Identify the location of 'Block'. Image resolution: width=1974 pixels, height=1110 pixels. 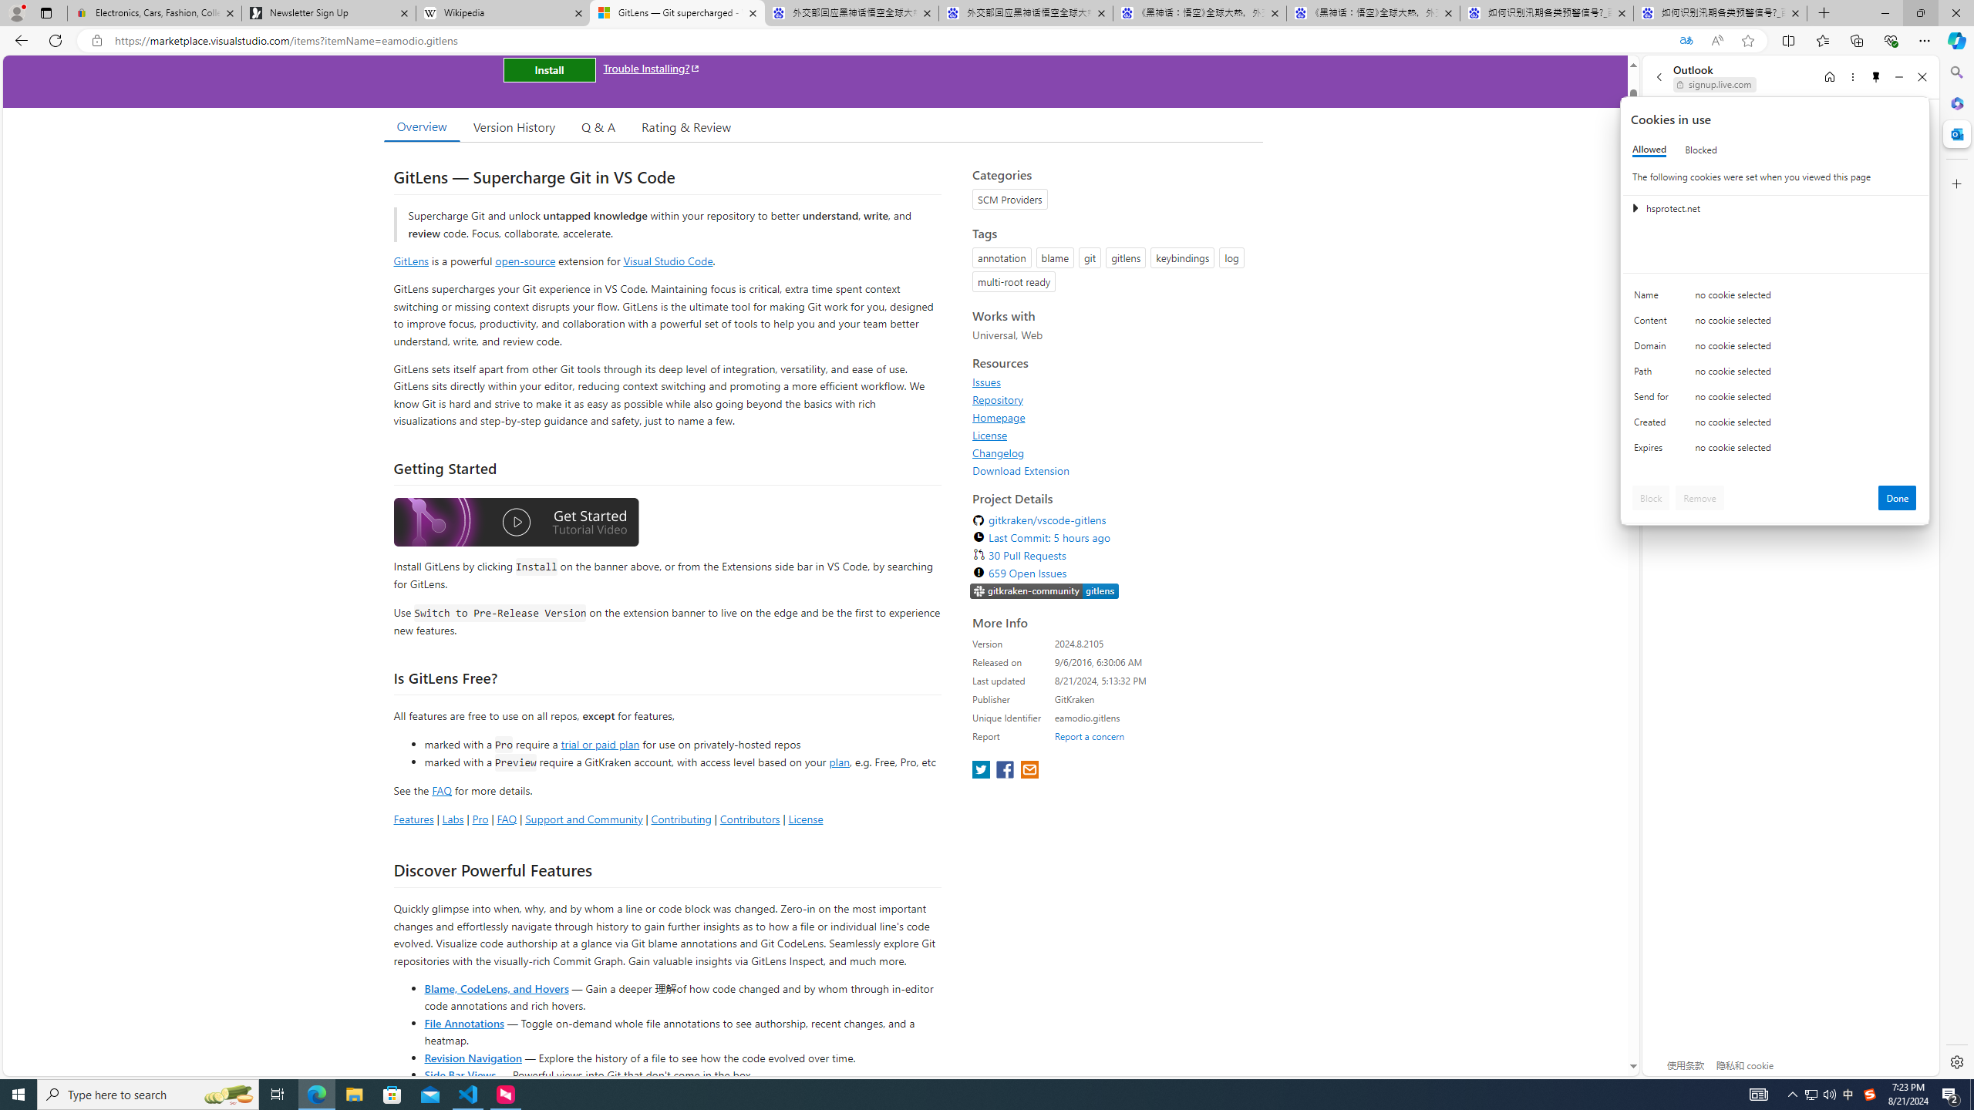
(1650, 498).